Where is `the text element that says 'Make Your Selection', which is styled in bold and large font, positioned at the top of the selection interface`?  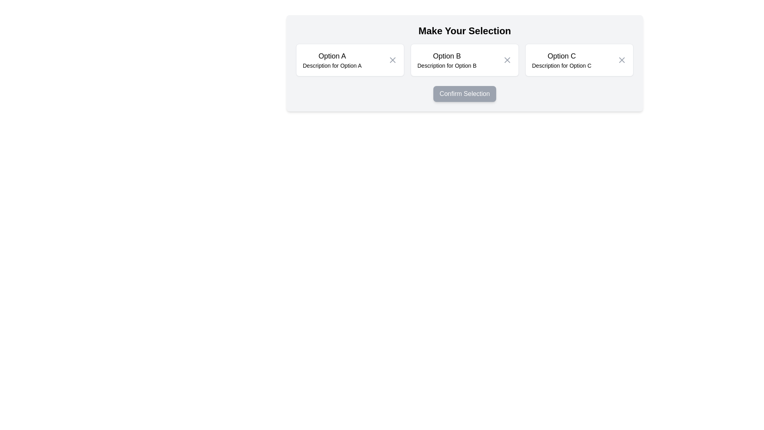
the text element that says 'Make Your Selection', which is styled in bold and large font, positioned at the top of the selection interface is located at coordinates (464, 30).